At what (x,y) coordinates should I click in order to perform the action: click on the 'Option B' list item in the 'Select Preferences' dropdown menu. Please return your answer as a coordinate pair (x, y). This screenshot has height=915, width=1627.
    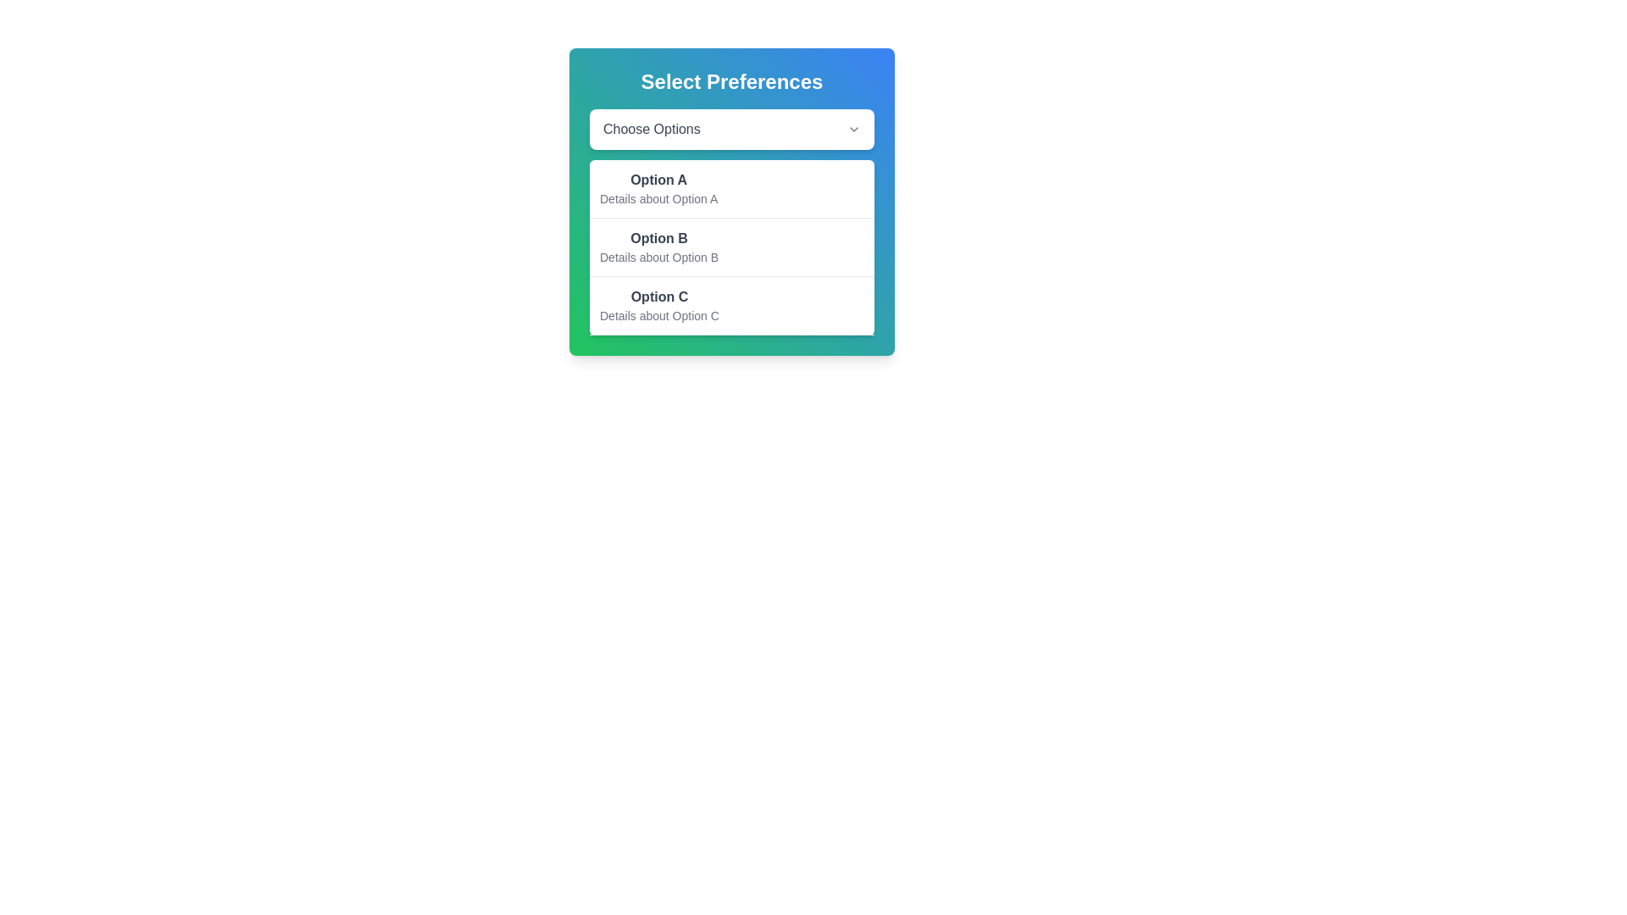
    Looking at the image, I should click on (658, 247).